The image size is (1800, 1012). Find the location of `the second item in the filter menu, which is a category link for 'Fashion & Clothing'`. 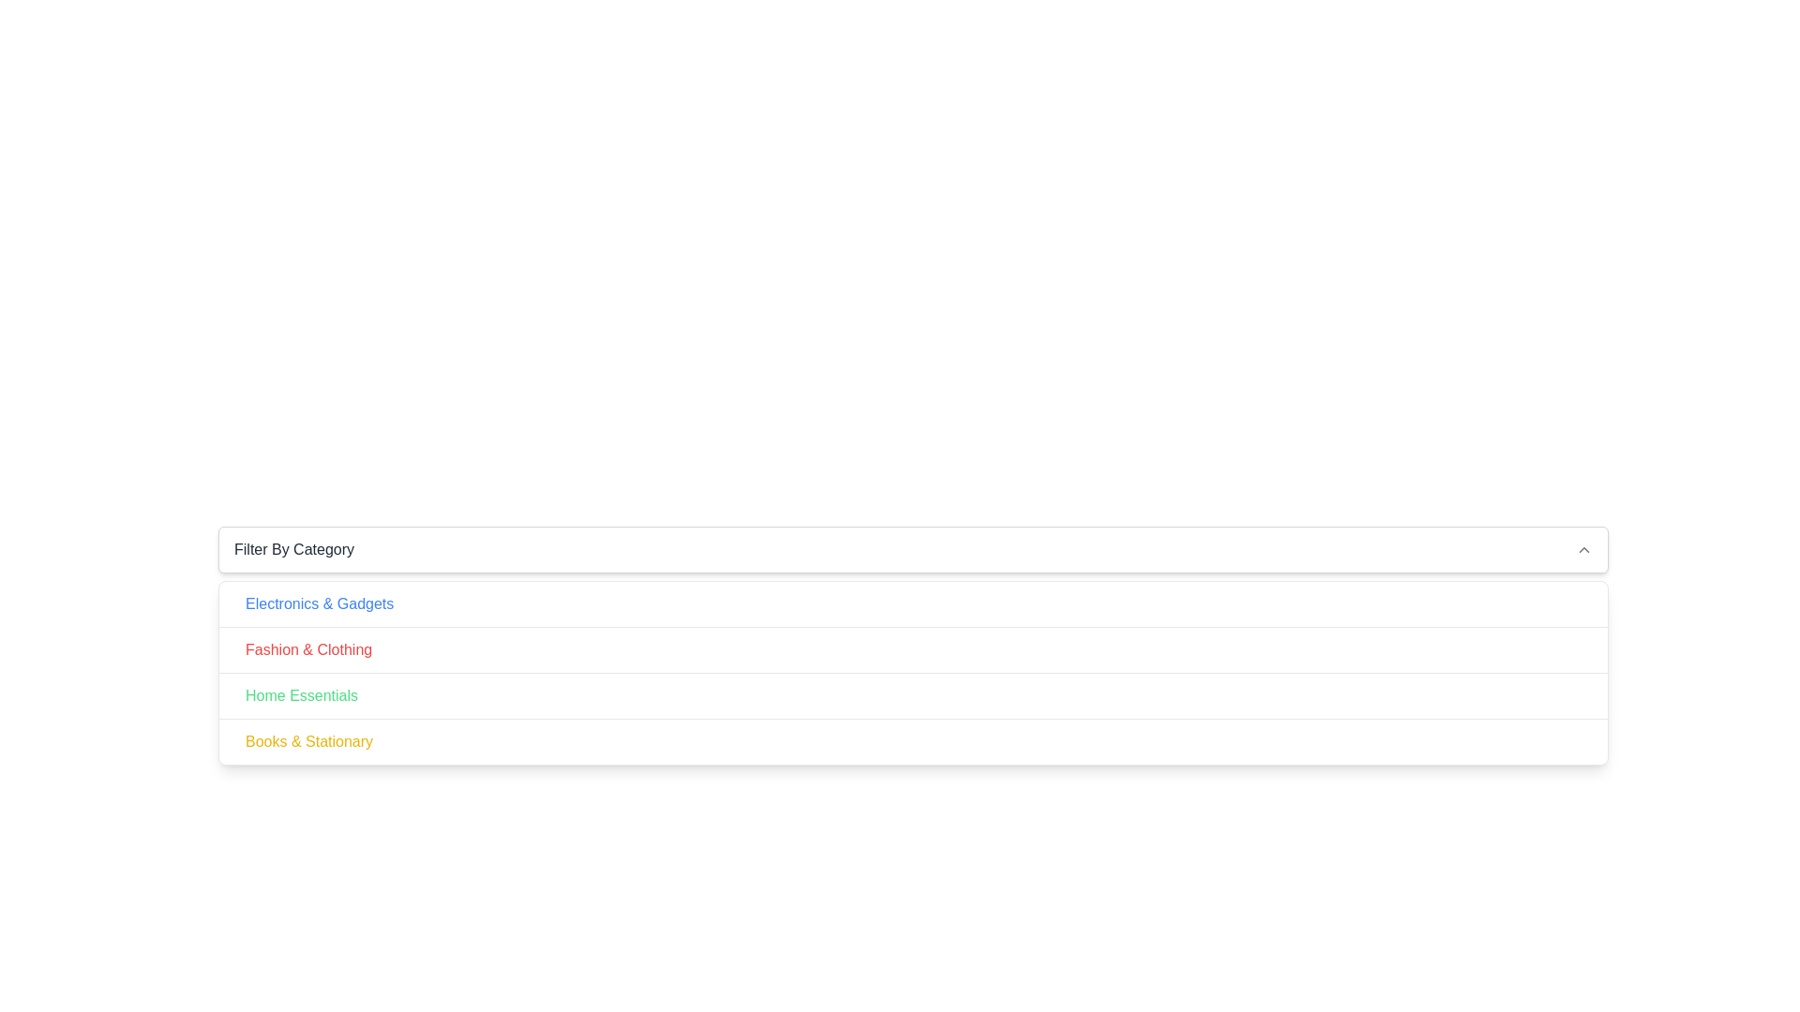

the second item in the filter menu, which is a category link for 'Fashion & Clothing' is located at coordinates (913, 648).